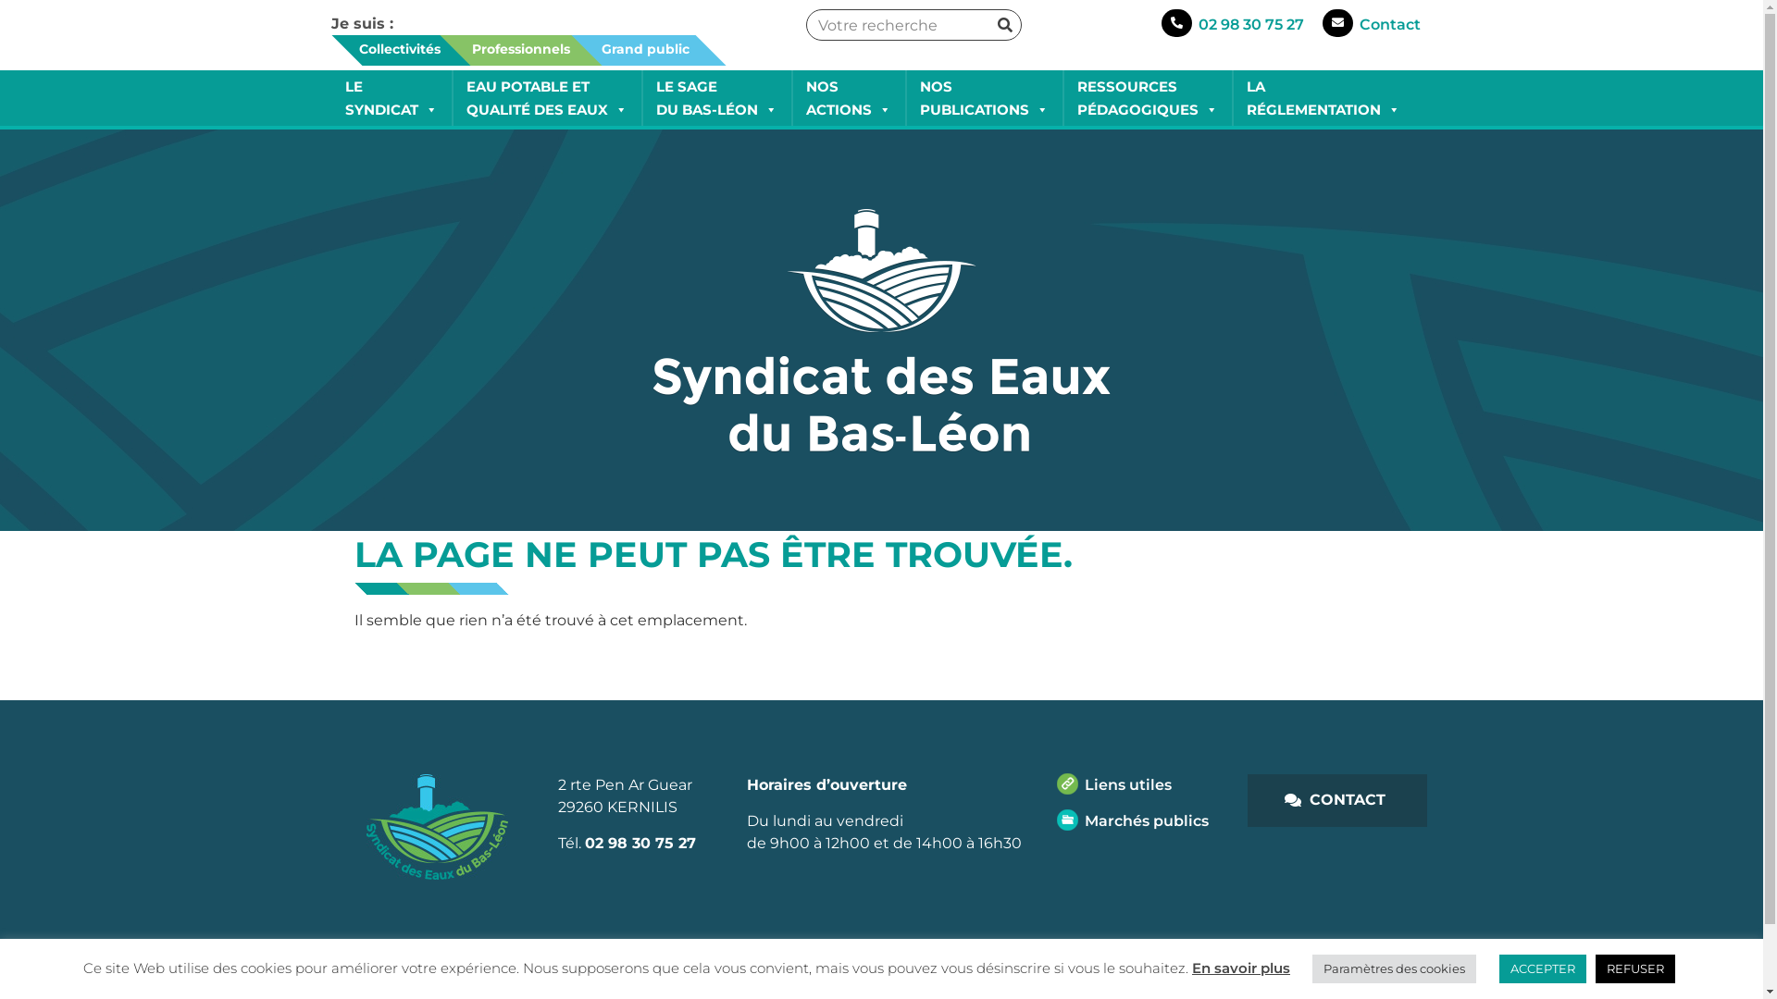 The image size is (1777, 999). Describe the element at coordinates (1336, 799) in the screenshot. I see `'CONTACT'` at that location.